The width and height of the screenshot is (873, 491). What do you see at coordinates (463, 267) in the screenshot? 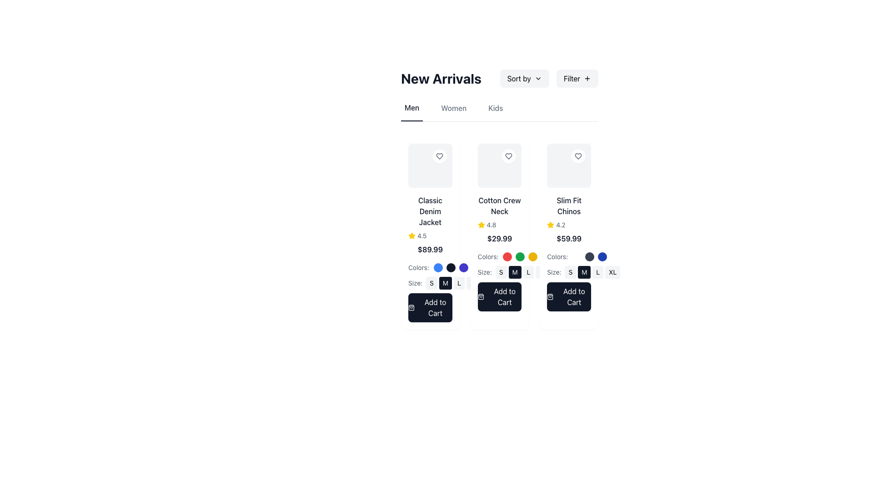
I see `the third circular color-select button with a purple background located under the 'Classic Denim Jacket' product` at bounding box center [463, 267].